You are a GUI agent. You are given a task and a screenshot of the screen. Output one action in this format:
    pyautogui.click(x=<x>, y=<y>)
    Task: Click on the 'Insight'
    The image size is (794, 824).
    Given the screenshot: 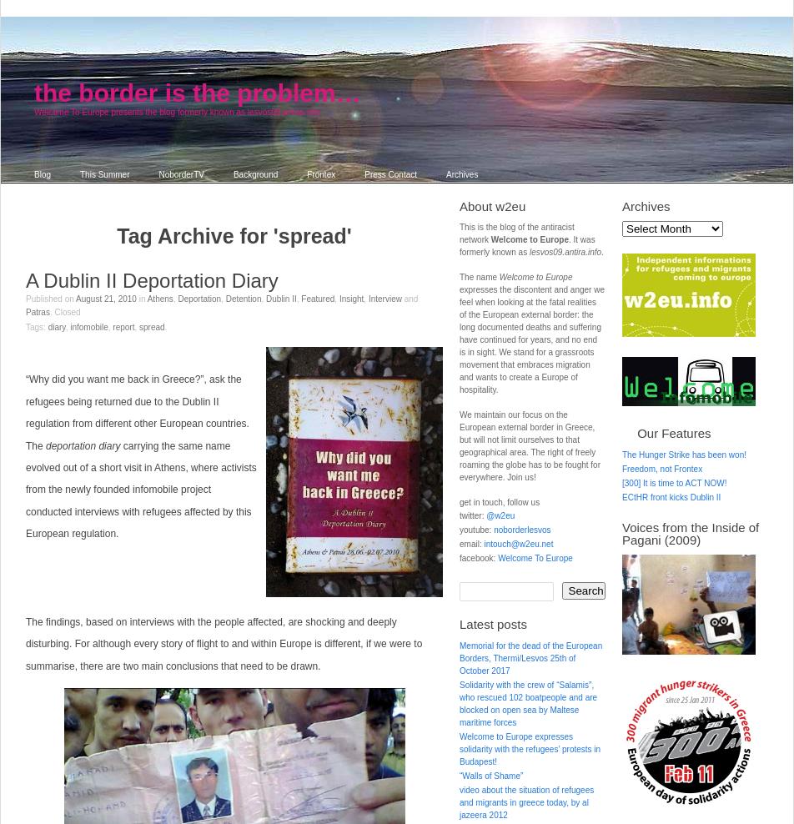 What is the action you would take?
    pyautogui.click(x=339, y=299)
    